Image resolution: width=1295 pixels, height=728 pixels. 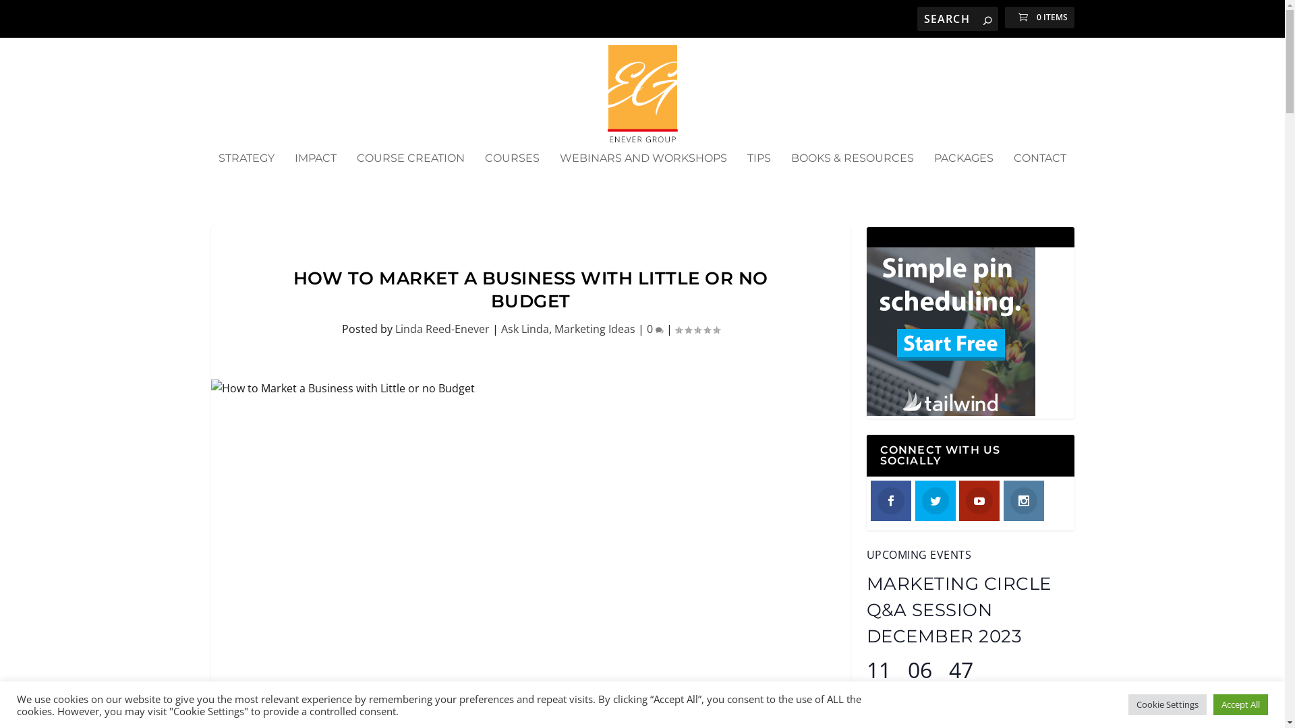 I want to click on 'TIPS', so click(x=759, y=176).